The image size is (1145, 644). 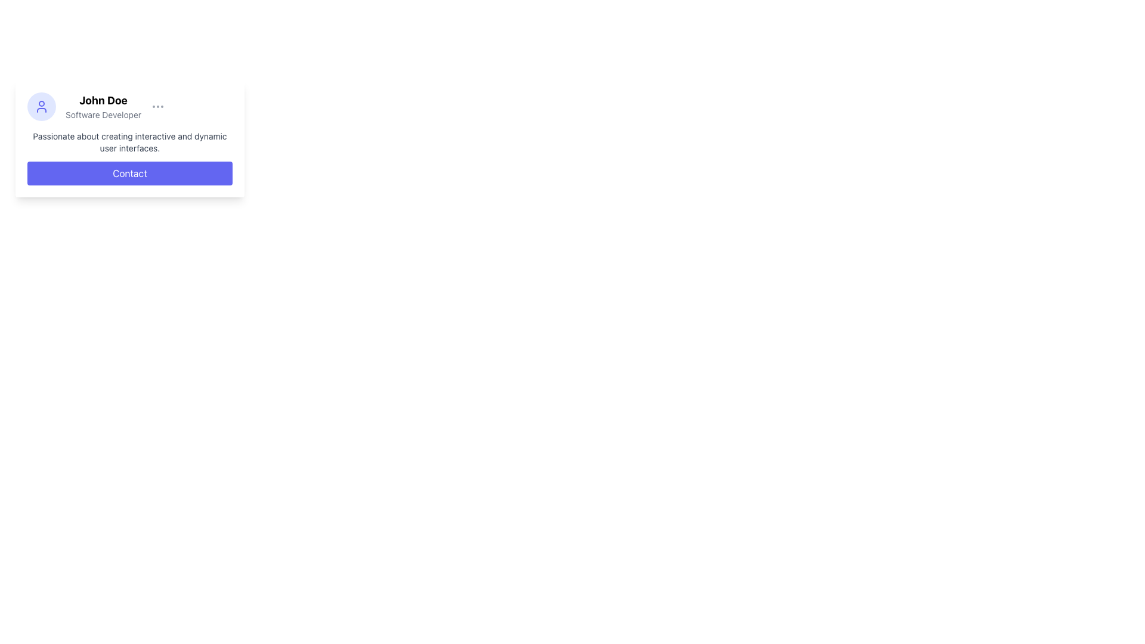 What do you see at coordinates (129, 173) in the screenshot?
I see `the 'Contact' button, which is a vibrant indigo rectangular button with white text, located below a paragraph in a user information card` at bounding box center [129, 173].